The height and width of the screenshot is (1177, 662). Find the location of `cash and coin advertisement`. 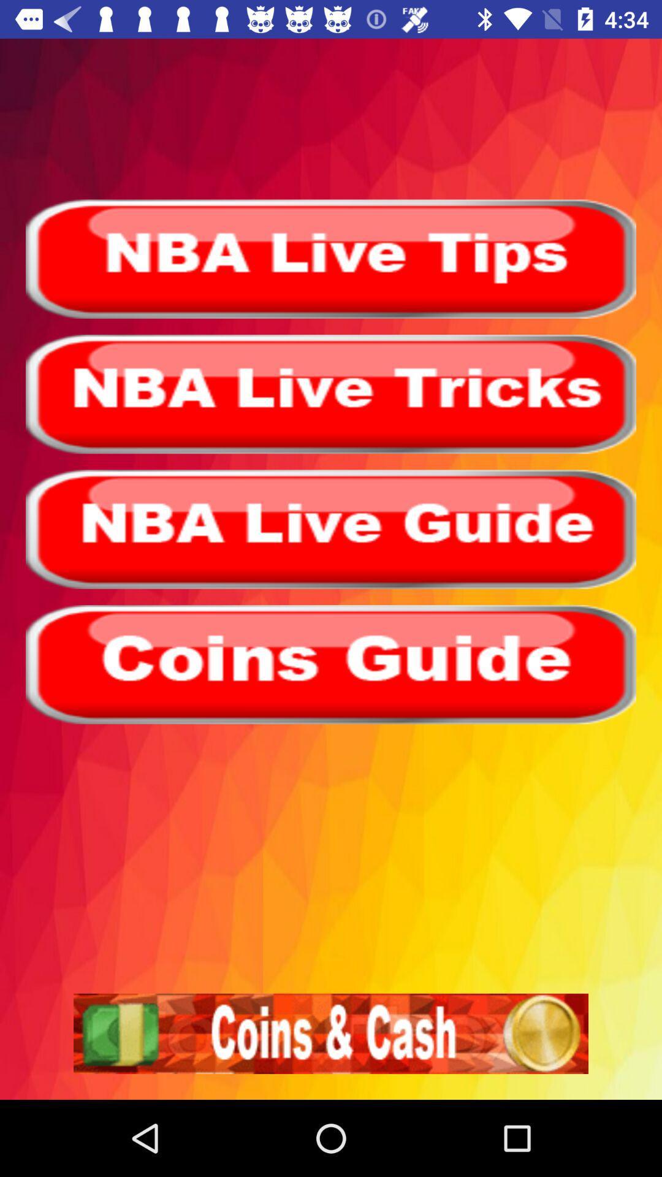

cash and coin advertisement is located at coordinates (331, 1033).